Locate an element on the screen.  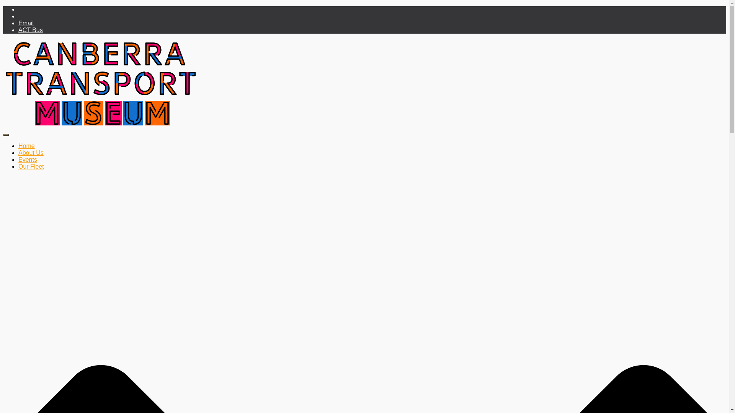
'Home' is located at coordinates (26, 146).